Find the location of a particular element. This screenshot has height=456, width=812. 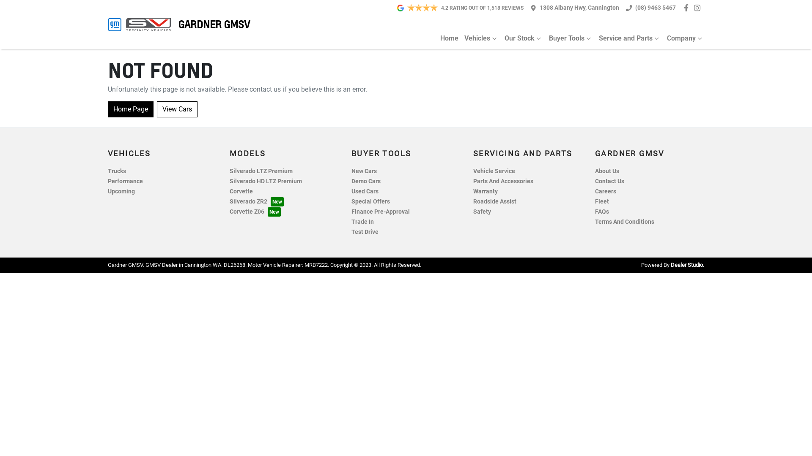

'Contact Us' is located at coordinates (609, 181).